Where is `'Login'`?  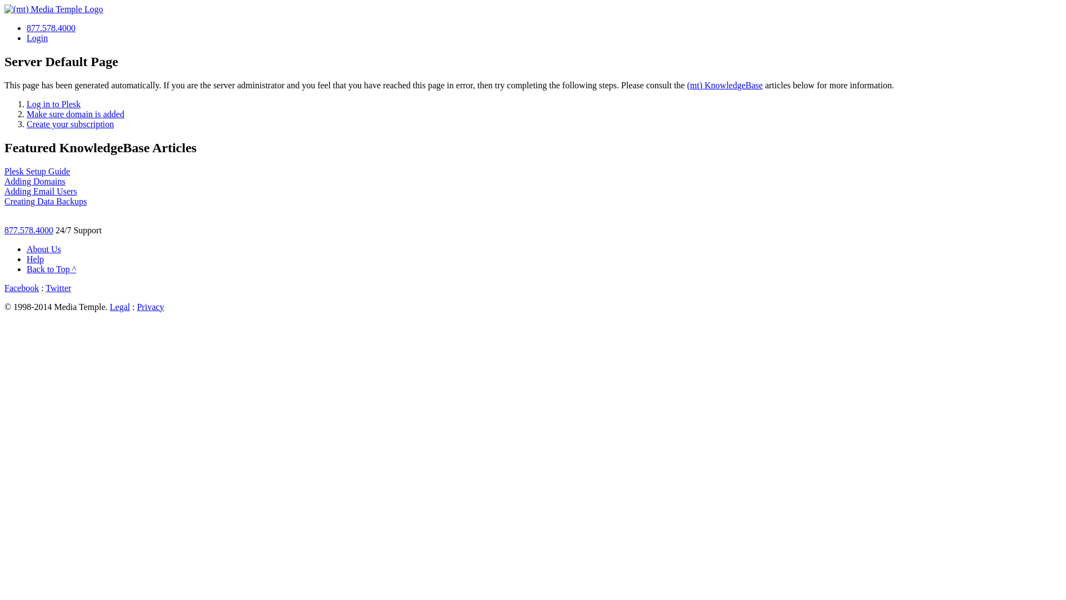 'Login' is located at coordinates (37, 37).